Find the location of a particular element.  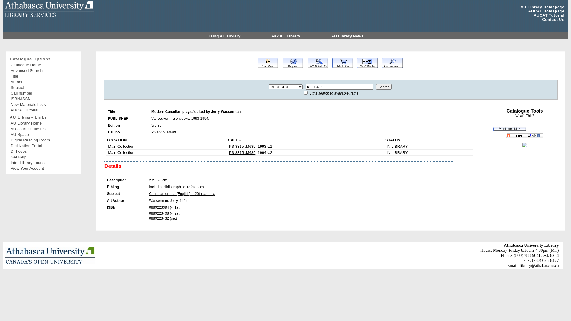

'Ask AU Library' is located at coordinates (286, 36).